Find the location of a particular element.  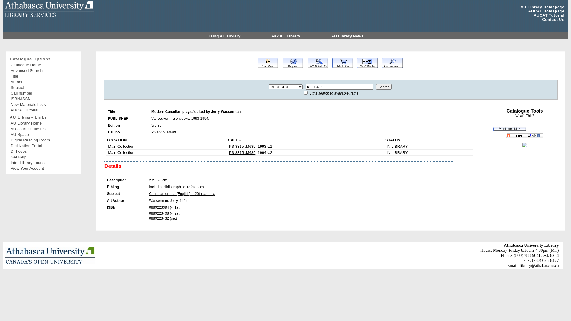

'Ask AU Library' is located at coordinates (286, 36).